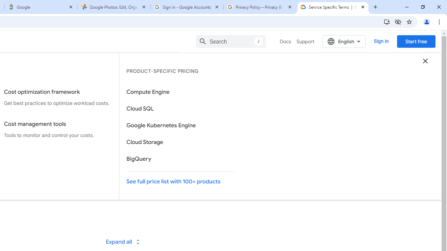 The height and width of the screenshot is (251, 447). What do you see at coordinates (416, 41) in the screenshot?
I see `'Start free'` at bounding box center [416, 41].